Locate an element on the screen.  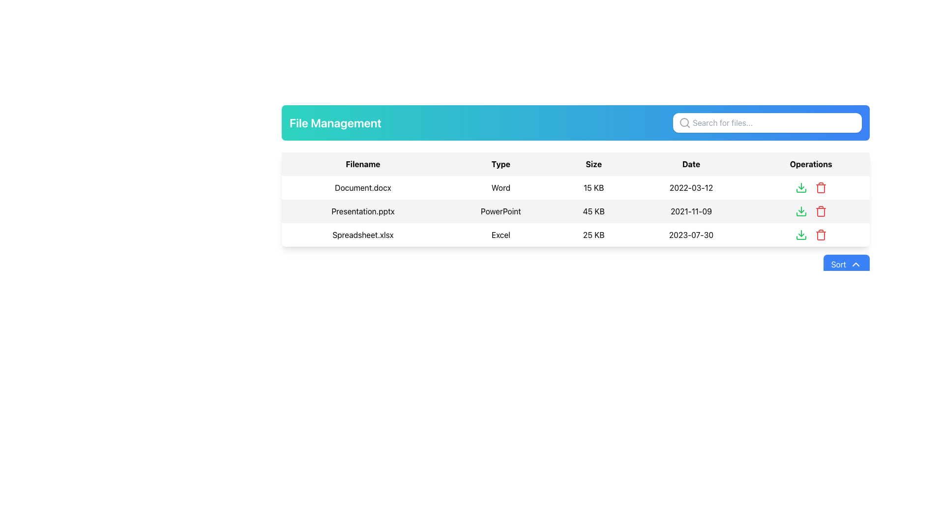
the 'Type' column header in the table, which is the second header located between 'Filename' and 'Size' is located at coordinates (501, 164).